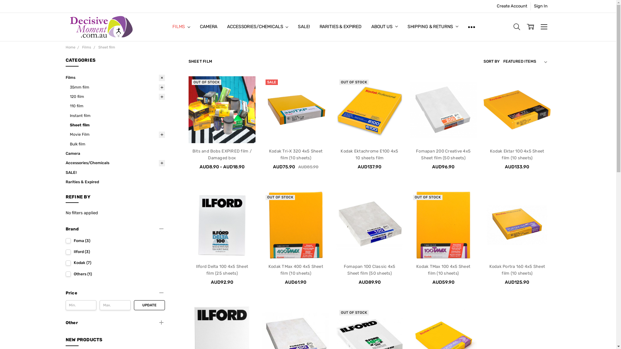 Image resolution: width=621 pixels, height=349 pixels. Describe the element at coordinates (195, 26) in the screenshot. I see `'CAMERA'` at that location.